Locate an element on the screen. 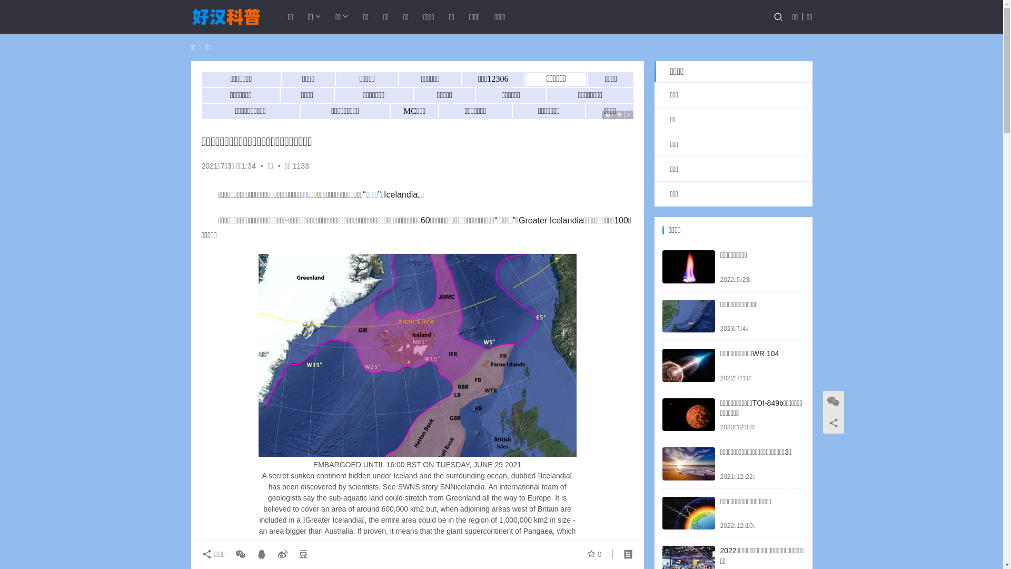  '0' is located at coordinates (594, 554).